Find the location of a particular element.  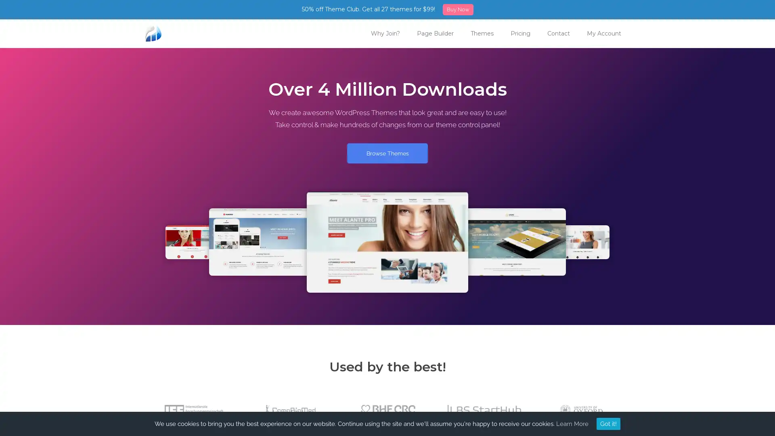

Buy Now is located at coordinates (457, 9).